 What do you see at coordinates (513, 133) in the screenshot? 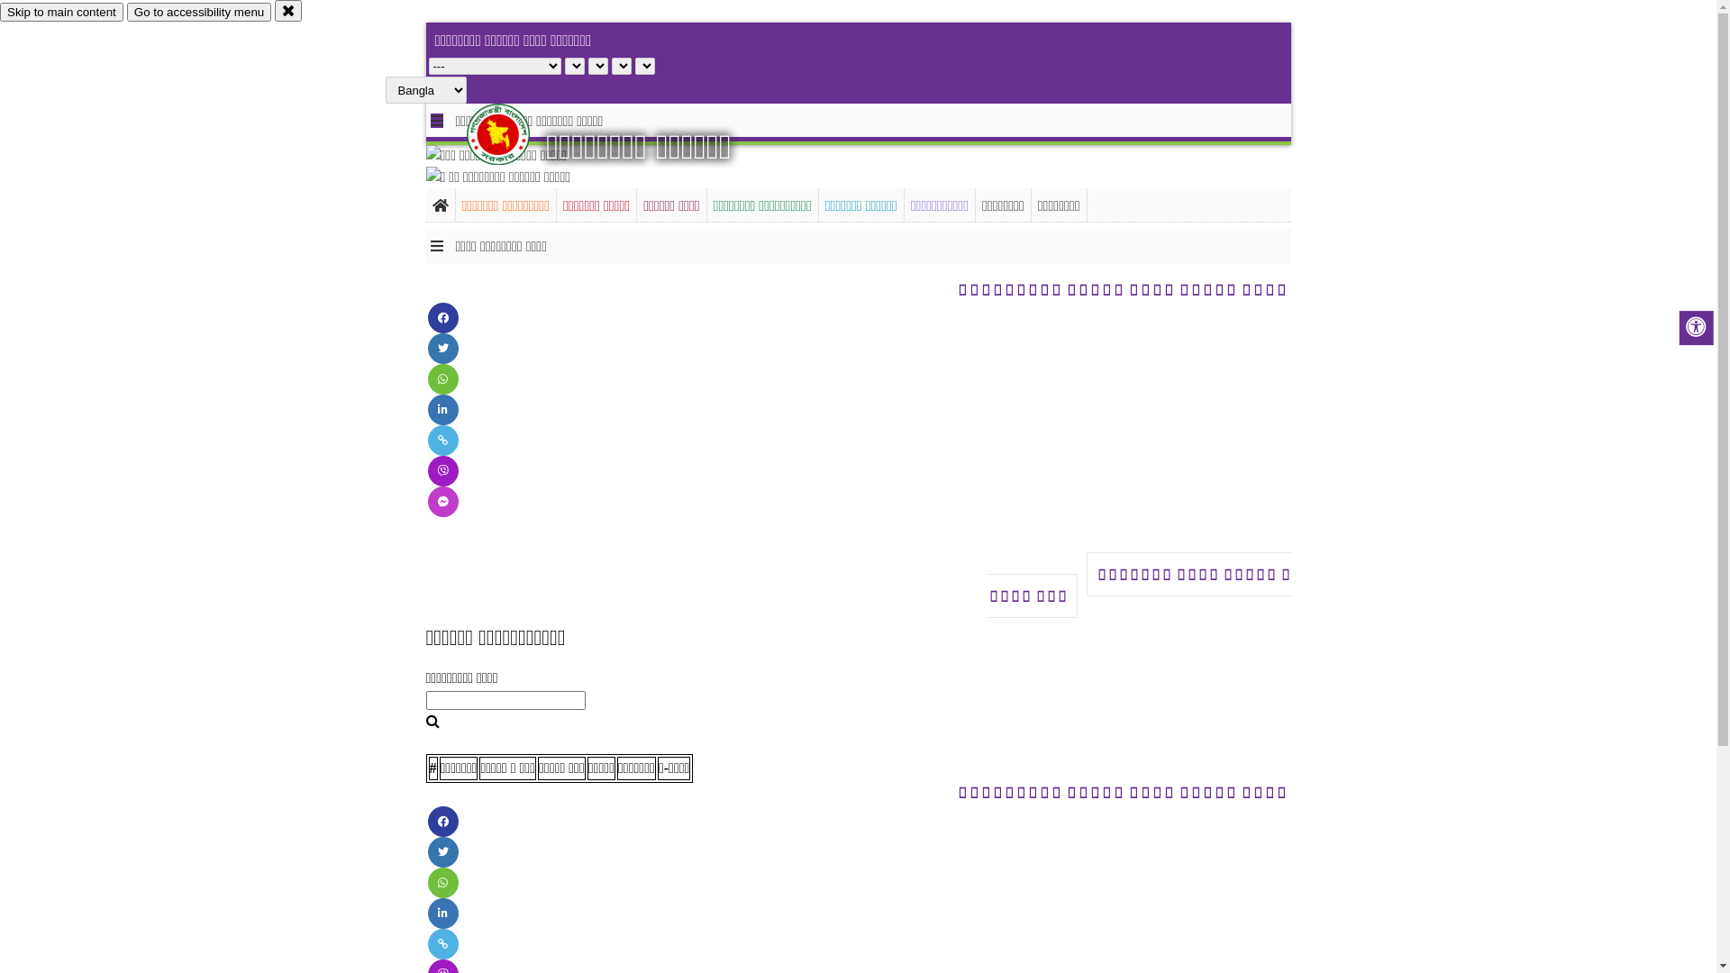
I see `'` at bounding box center [513, 133].